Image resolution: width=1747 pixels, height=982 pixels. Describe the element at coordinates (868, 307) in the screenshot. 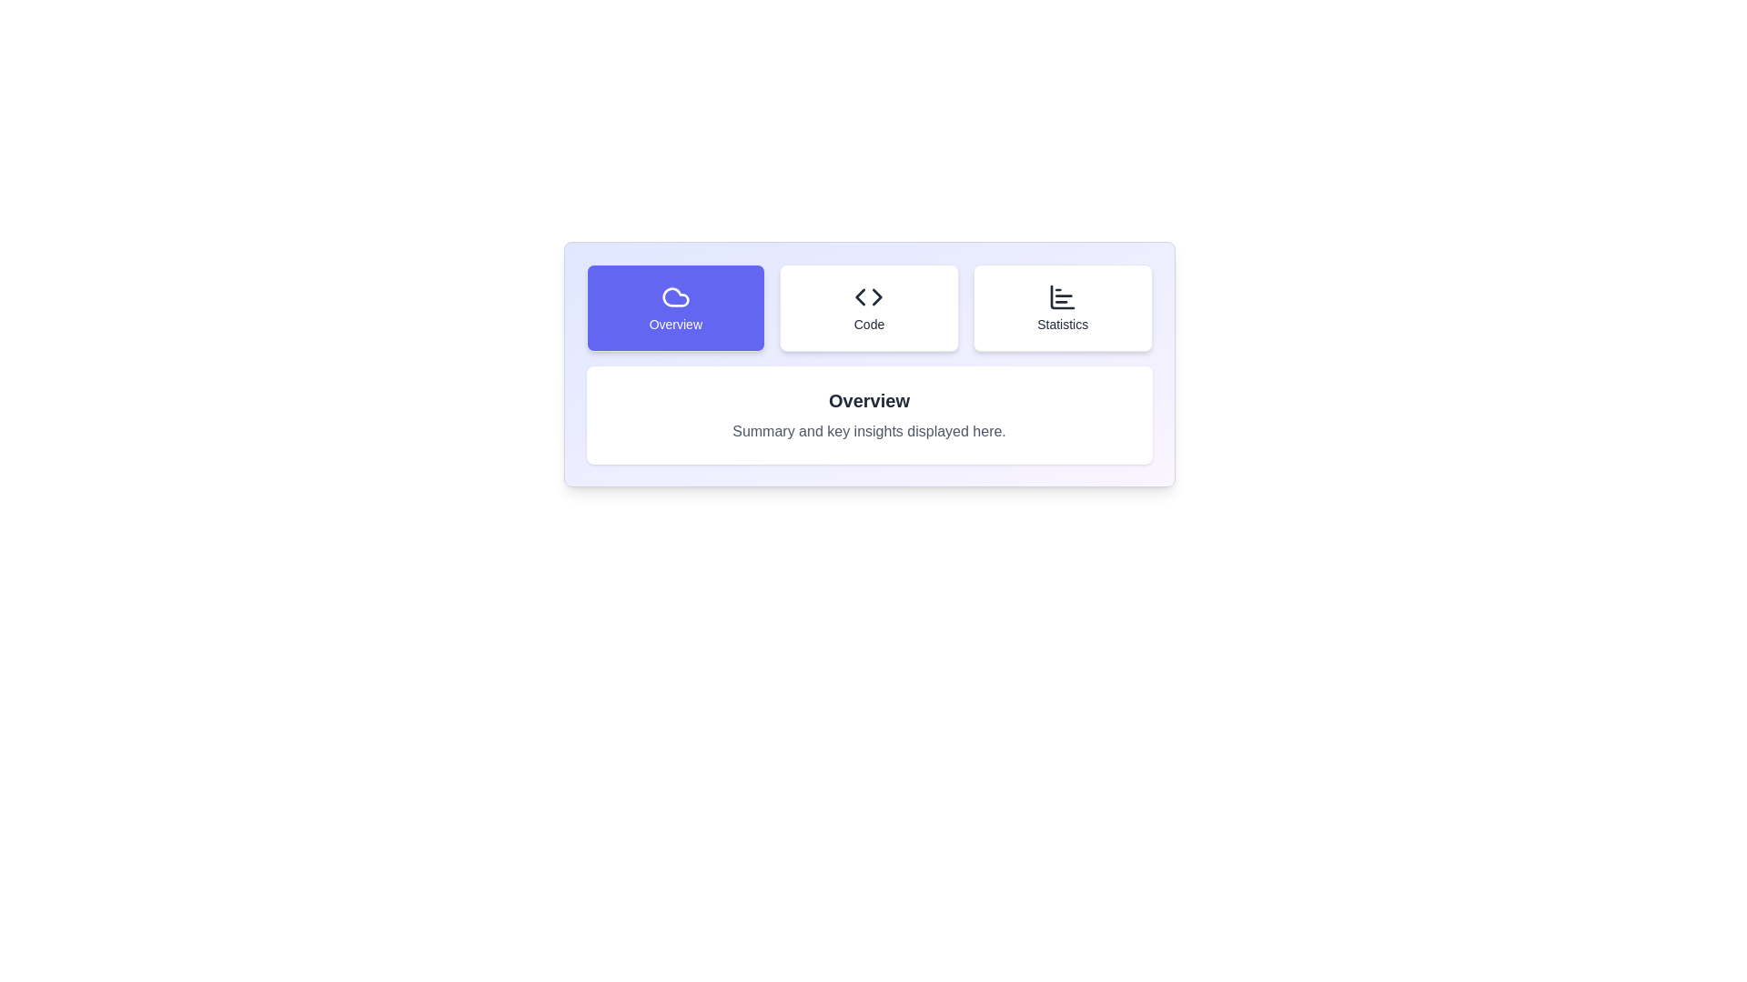

I see `the Code tab by clicking on its button` at that location.